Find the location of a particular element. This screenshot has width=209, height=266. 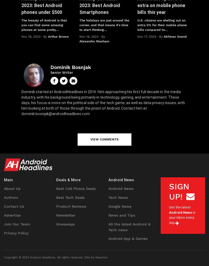

'All the latest Android & Tech news' is located at coordinates (129, 227).